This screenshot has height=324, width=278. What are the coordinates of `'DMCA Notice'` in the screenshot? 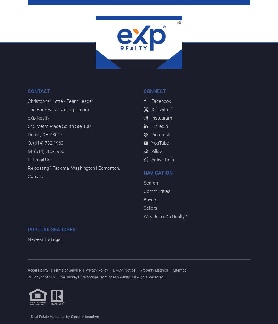 It's located at (124, 270).